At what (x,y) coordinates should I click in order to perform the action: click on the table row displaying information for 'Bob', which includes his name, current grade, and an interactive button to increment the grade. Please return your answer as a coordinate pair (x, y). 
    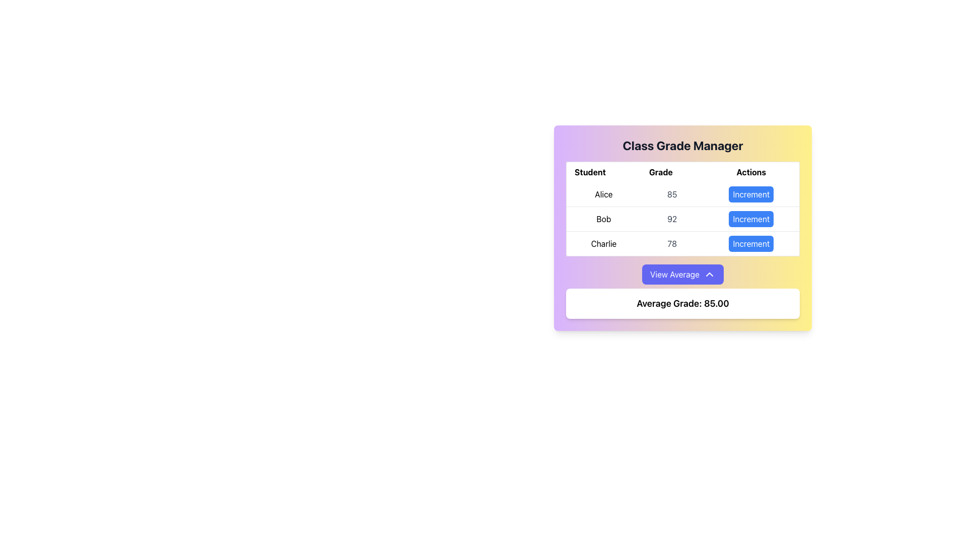
    Looking at the image, I should click on (683, 219).